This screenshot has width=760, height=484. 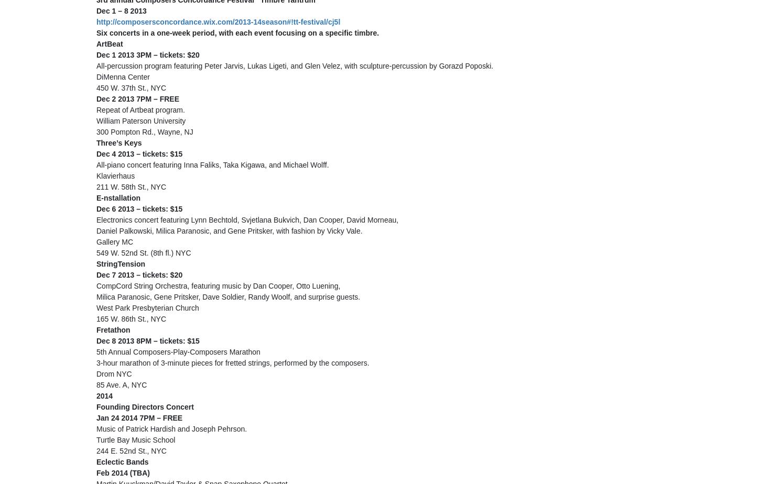 I want to click on 'http://composersconcordance.wix.com/2013-14season#!tt-festival/cj5l', so click(x=218, y=22).